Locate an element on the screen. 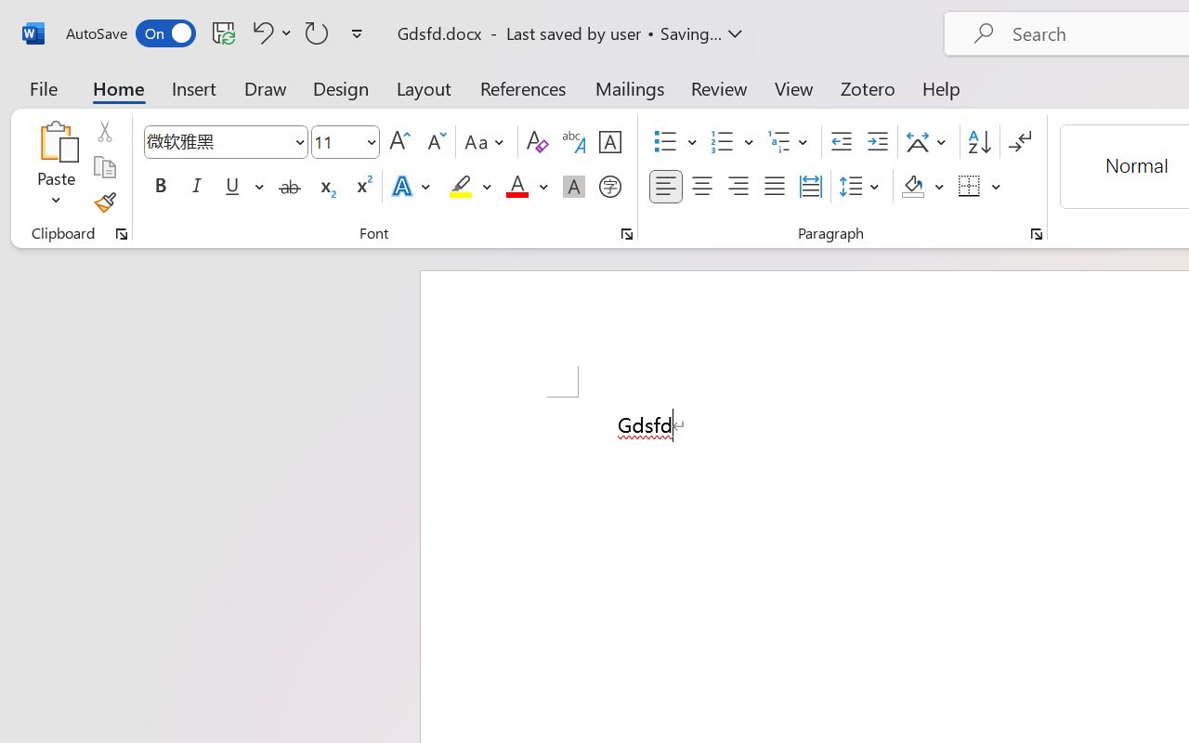 This screenshot has height=743, width=1189. 'Font Color Red' is located at coordinates (516, 187).